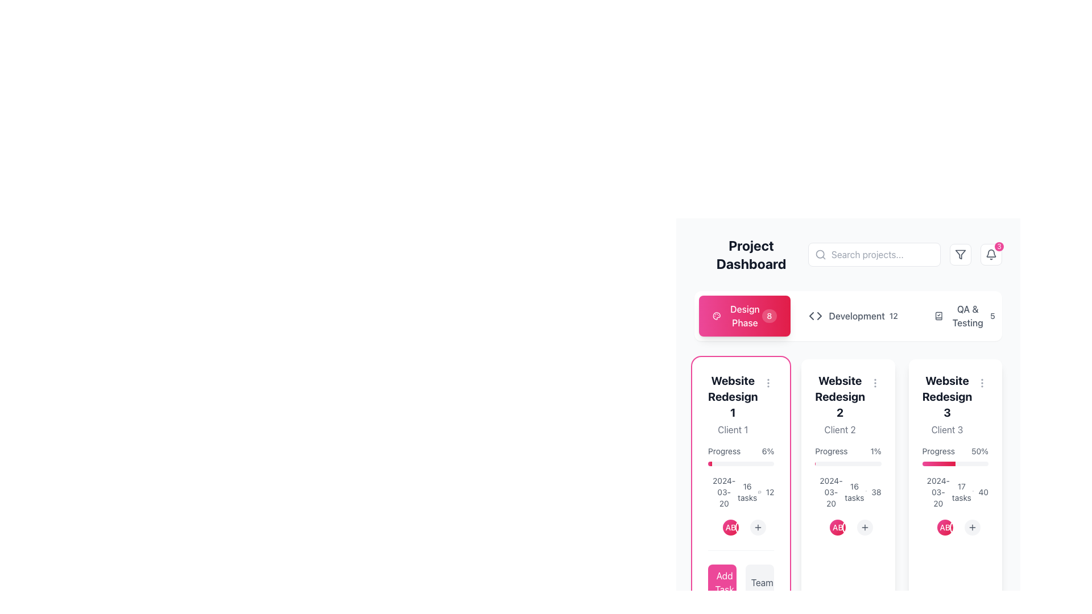 This screenshot has width=1092, height=614. What do you see at coordinates (766, 492) in the screenshot?
I see `the numeric label displaying the number '12', which is styled with a small, rounded font and is located immediately to the right of a small chat bubble icon in the 'Website Redesign 1' card` at bounding box center [766, 492].